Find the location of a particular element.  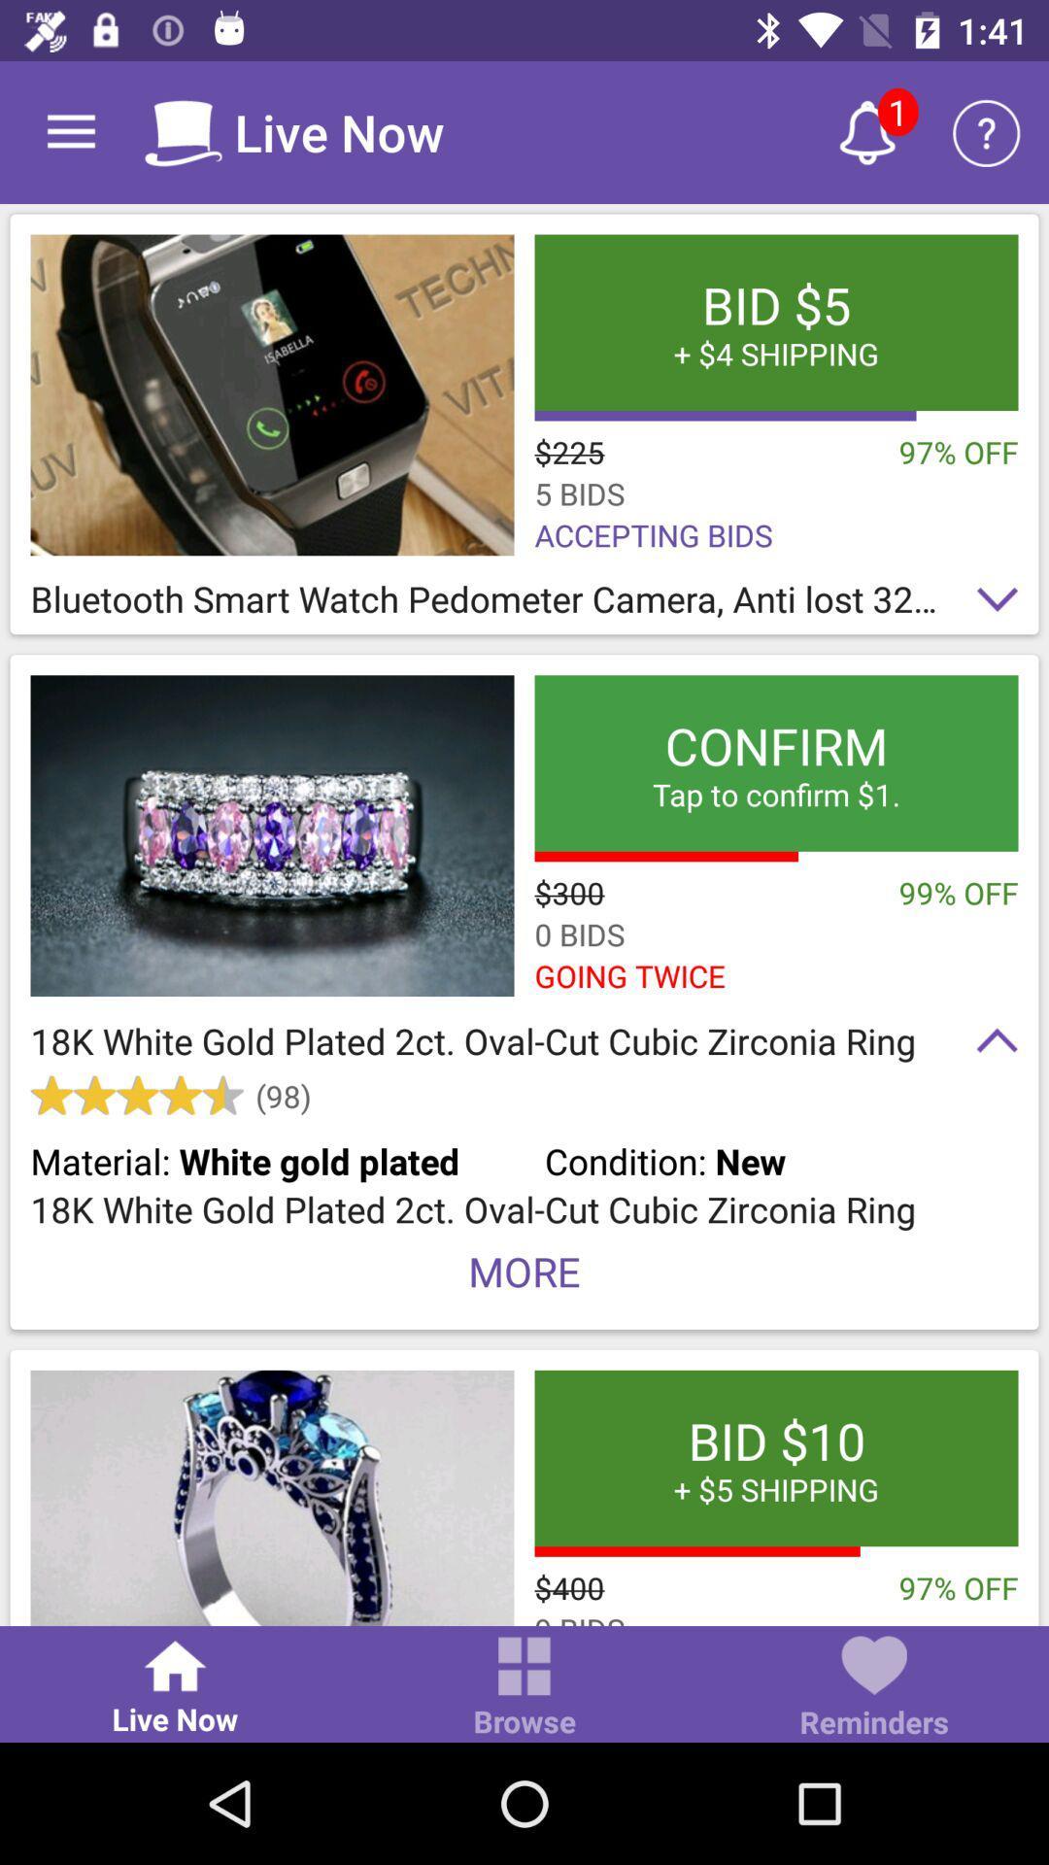

open the picture of the ring is located at coordinates (272, 1497).